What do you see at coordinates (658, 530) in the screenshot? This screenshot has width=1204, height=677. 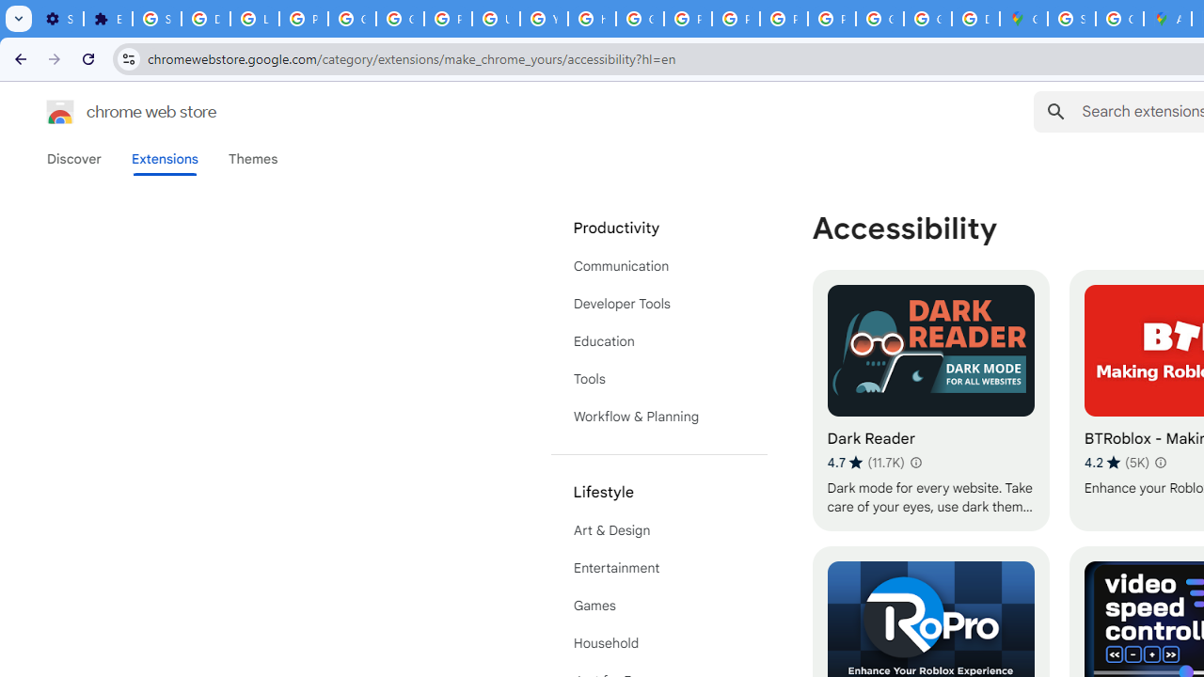 I see `'Art & Design'` at bounding box center [658, 530].